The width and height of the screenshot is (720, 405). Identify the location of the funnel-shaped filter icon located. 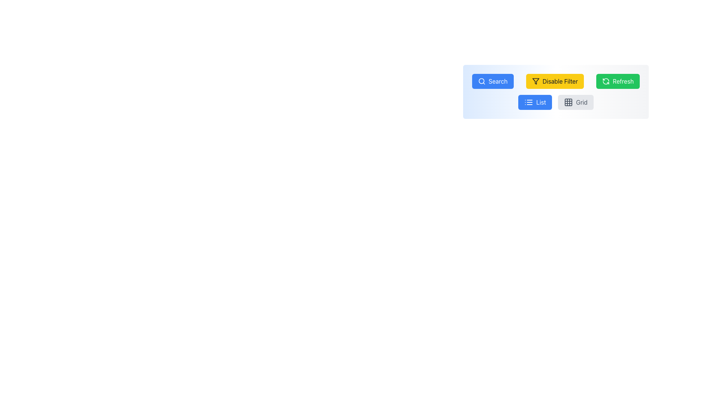
(535, 81).